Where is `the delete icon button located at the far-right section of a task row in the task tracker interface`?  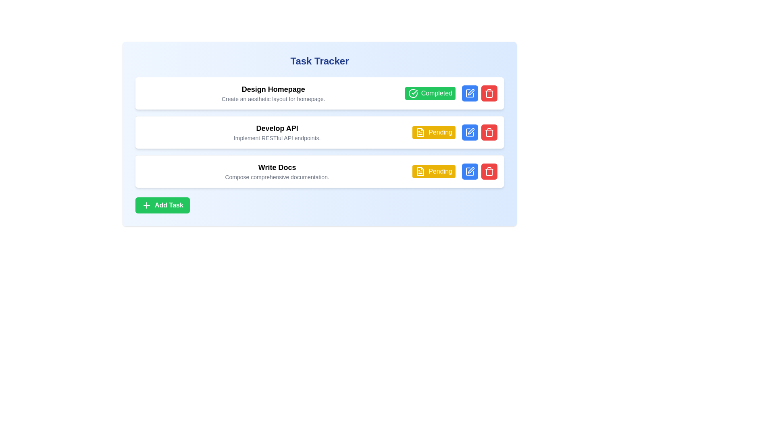
the delete icon button located at the far-right section of a task row in the task tracker interface is located at coordinates (489, 132).